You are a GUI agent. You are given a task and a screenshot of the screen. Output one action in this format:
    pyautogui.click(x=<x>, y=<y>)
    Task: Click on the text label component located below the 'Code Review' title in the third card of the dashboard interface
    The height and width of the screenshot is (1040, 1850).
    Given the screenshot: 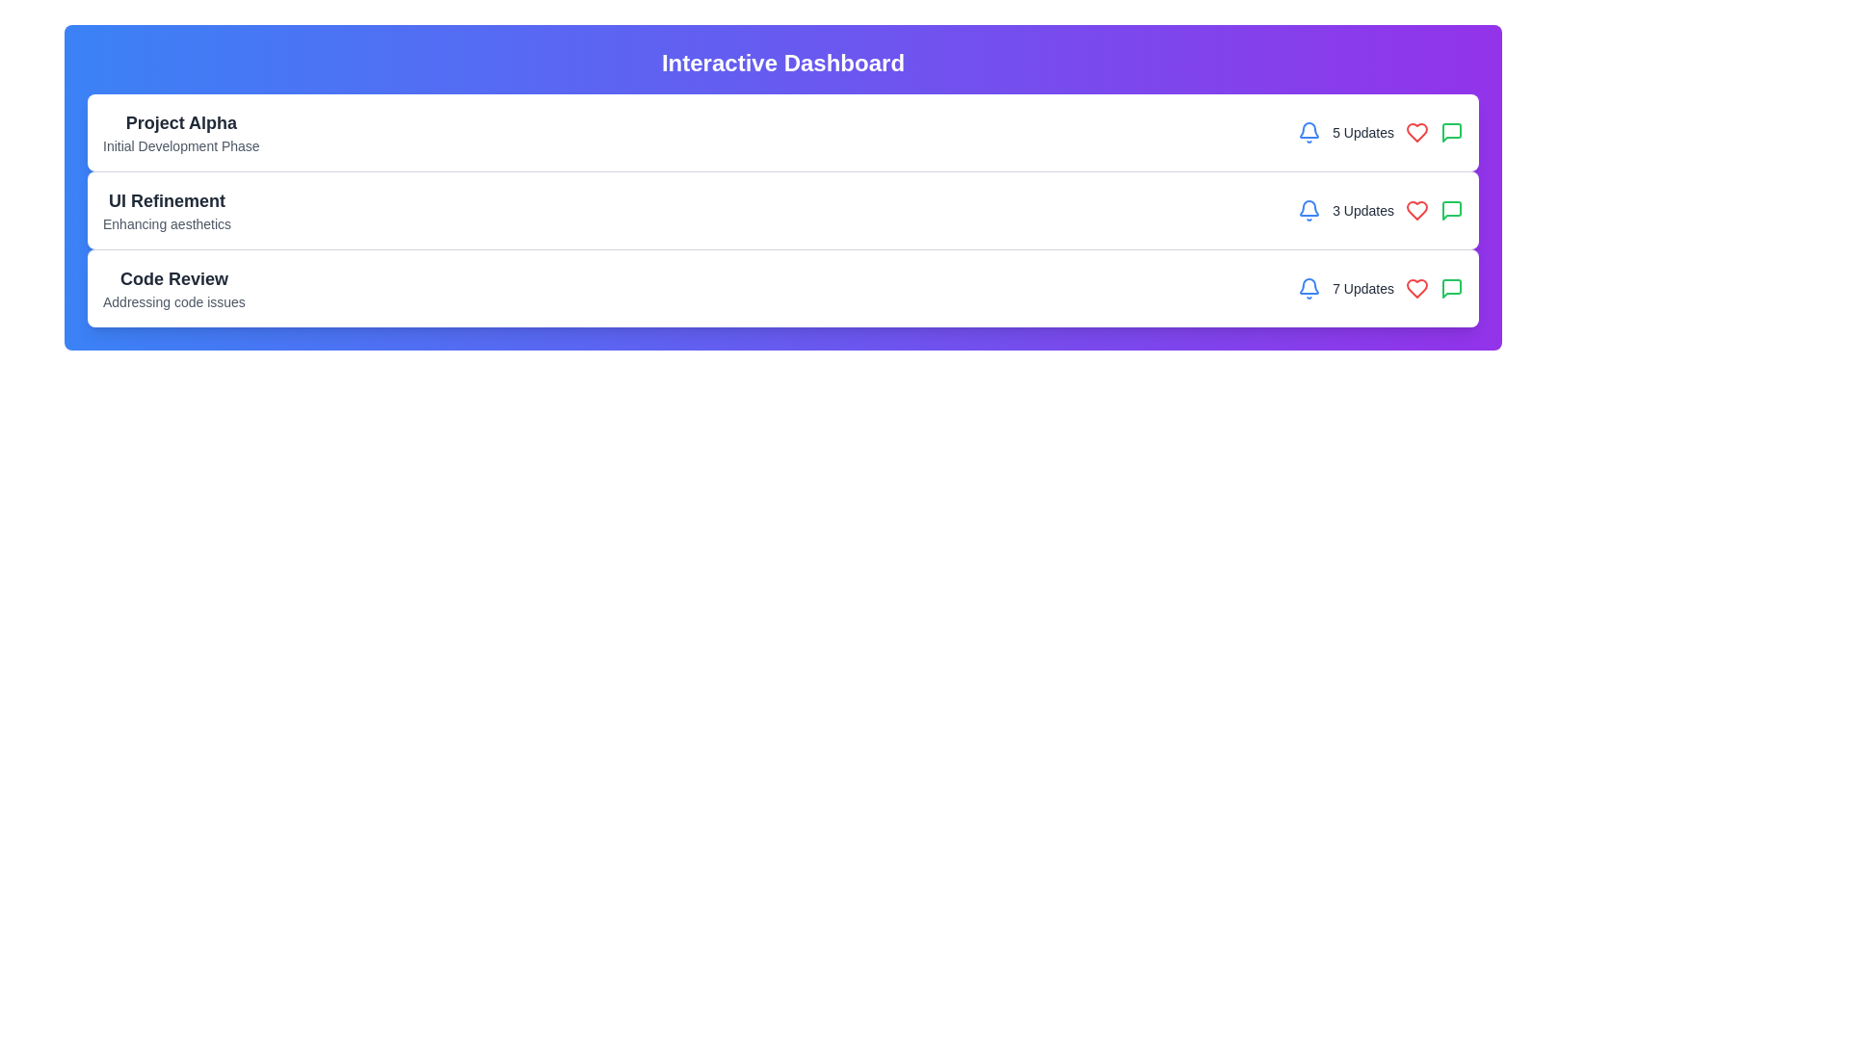 What is the action you would take?
    pyautogui.click(x=173, y=301)
    